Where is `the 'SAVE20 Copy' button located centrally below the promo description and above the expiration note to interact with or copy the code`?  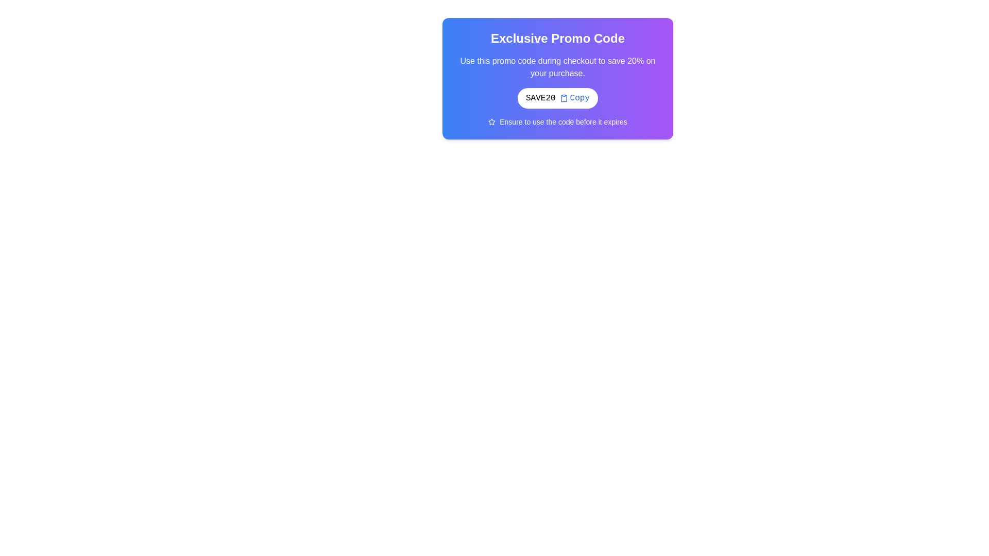
the 'SAVE20 Copy' button located centrally below the promo description and above the expiration note to interact with or copy the code is located at coordinates (557, 98).